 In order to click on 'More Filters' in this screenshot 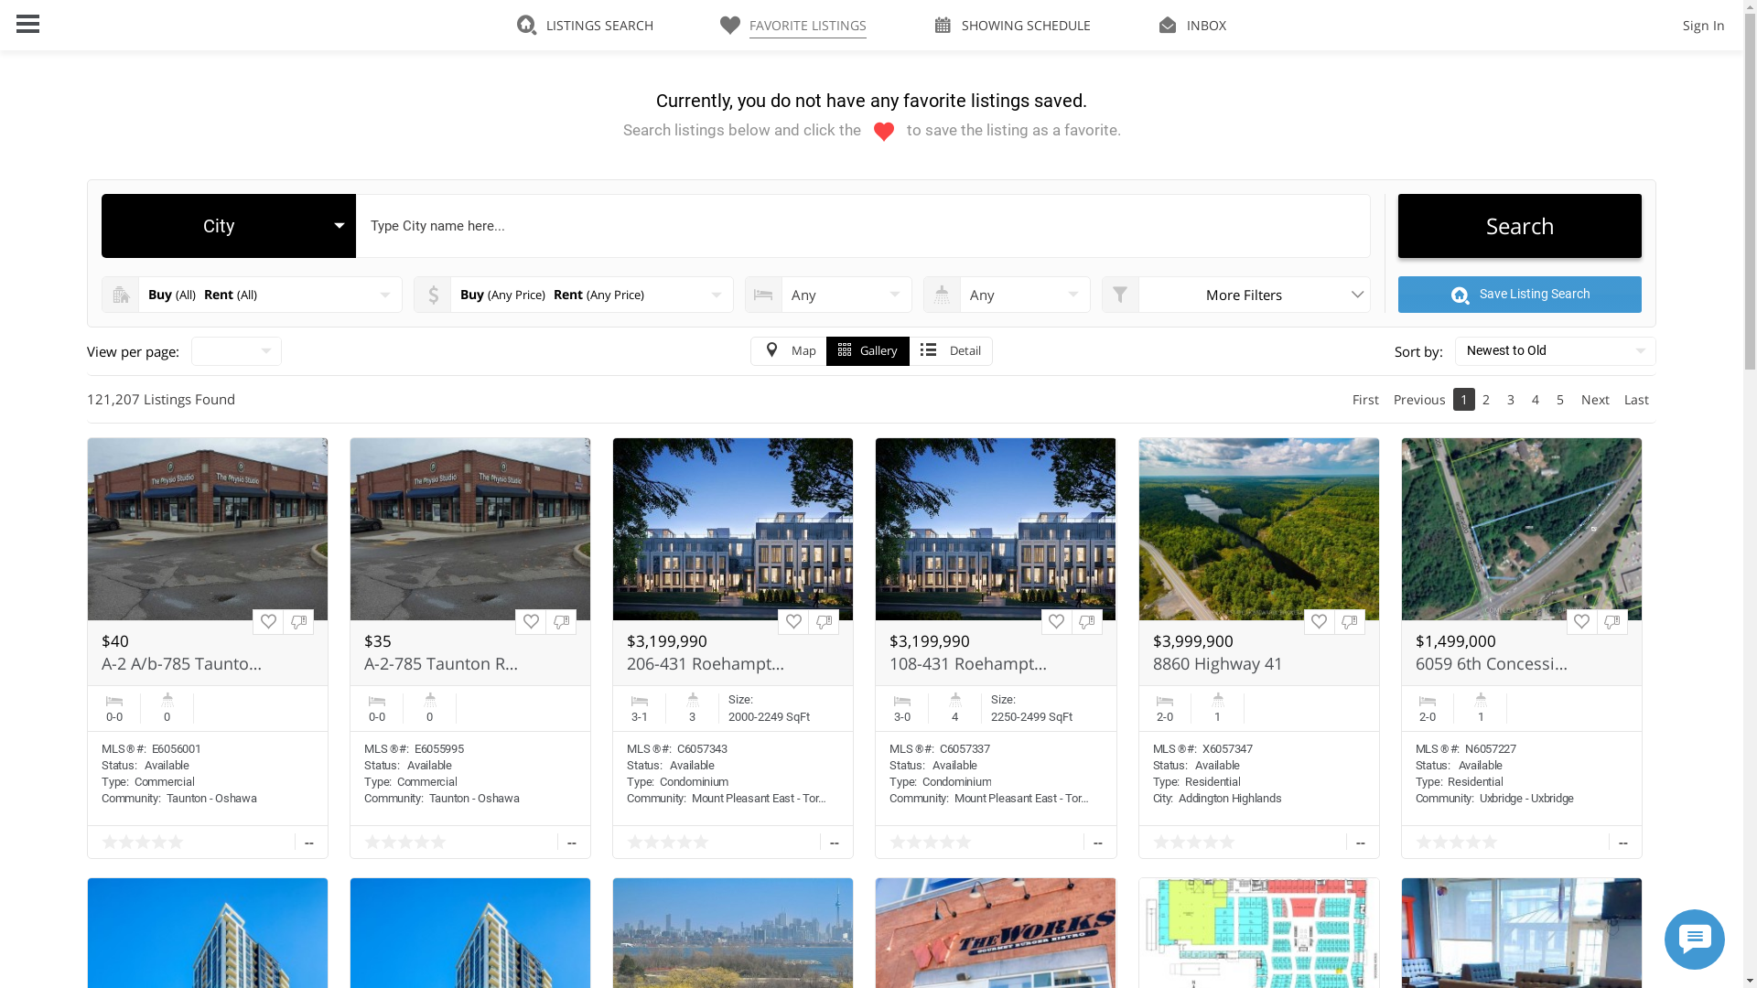, I will do `click(1235, 293)`.